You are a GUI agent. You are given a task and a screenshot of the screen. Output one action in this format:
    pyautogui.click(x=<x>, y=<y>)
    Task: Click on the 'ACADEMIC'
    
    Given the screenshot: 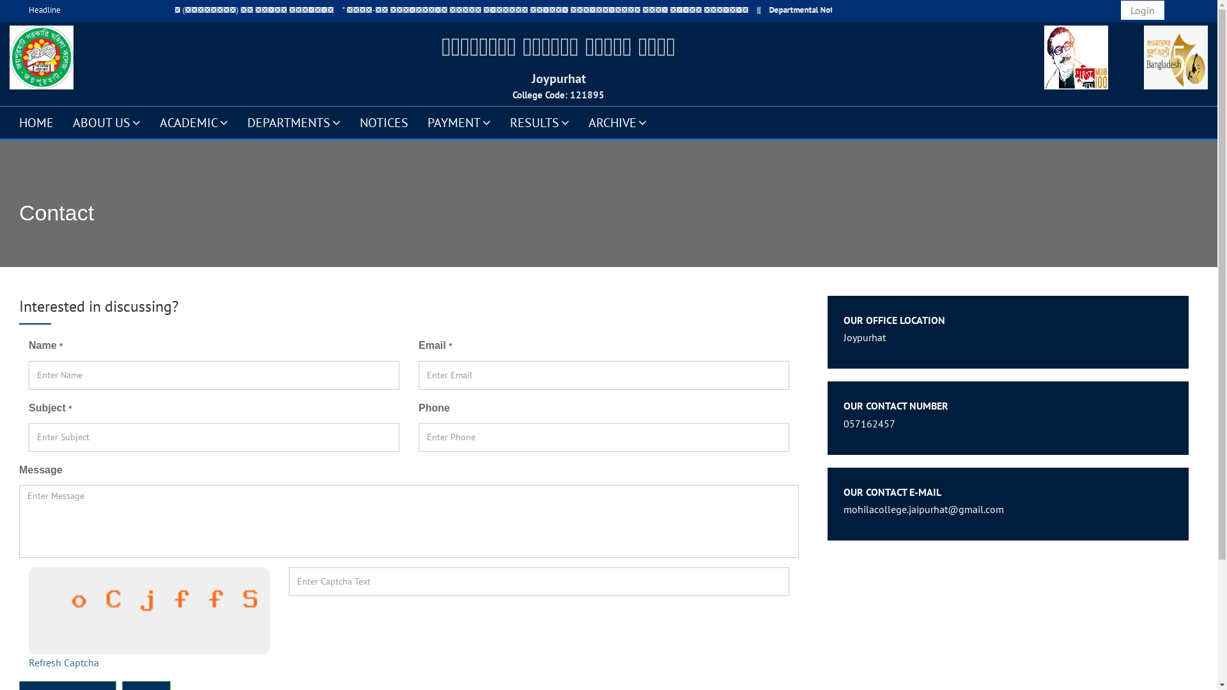 What is the action you would take?
    pyautogui.click(x=150, y=122)
    